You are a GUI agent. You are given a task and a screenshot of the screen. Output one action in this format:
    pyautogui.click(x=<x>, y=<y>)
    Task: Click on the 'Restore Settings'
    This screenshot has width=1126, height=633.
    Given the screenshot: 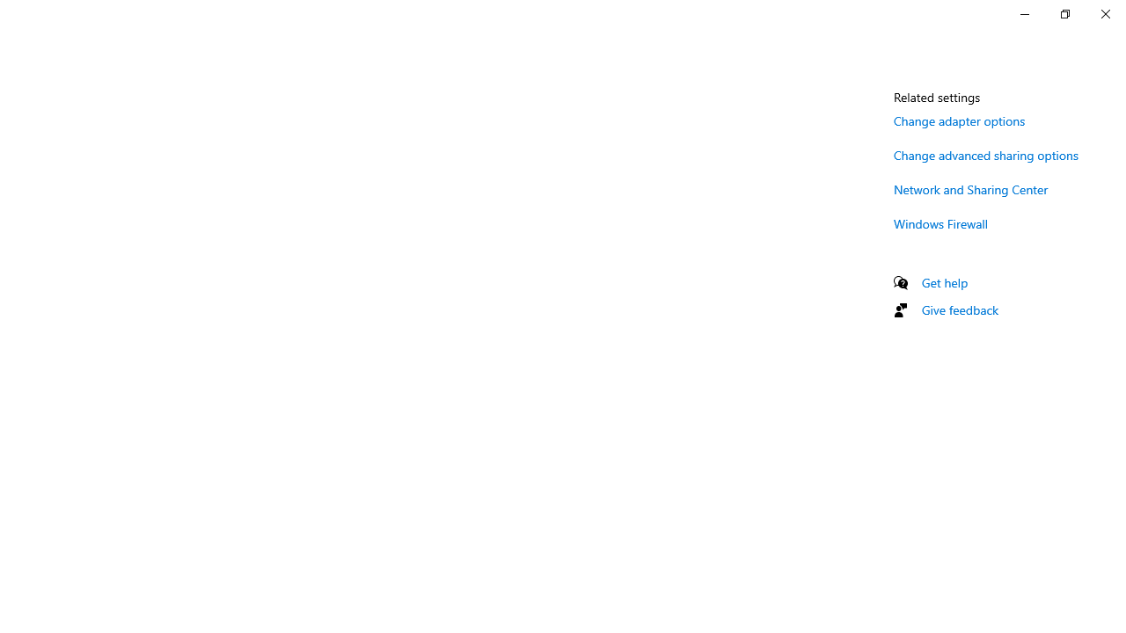 What is the action you would take?
    pyautogui.click(x=1064, y=13)
    